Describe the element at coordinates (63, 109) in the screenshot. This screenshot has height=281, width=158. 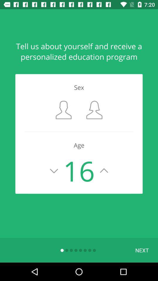
I see `the avatar icon` at that location.